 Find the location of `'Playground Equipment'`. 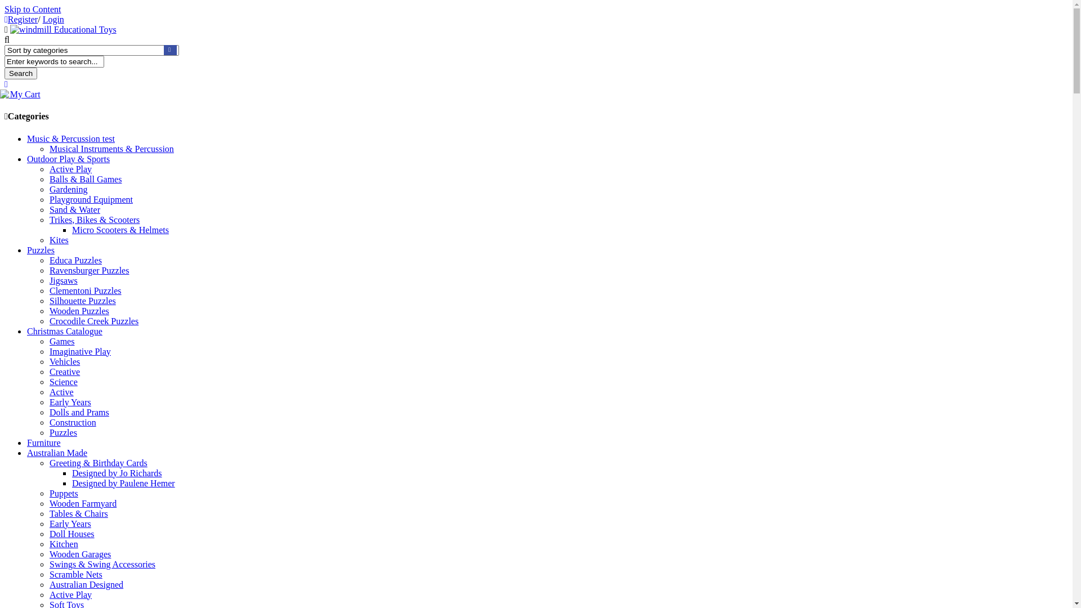

'Playground Equipment' is located at coordinates (91, 199).